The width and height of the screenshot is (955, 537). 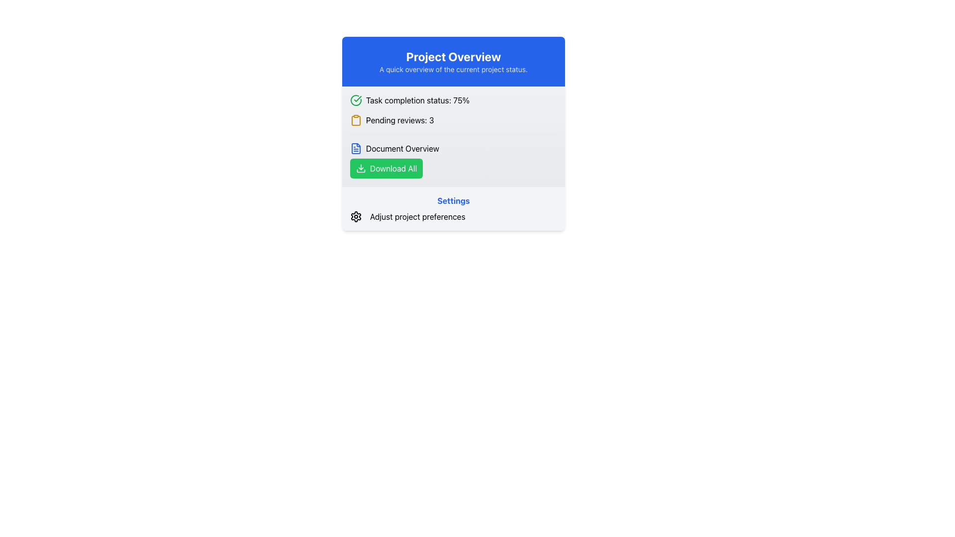 What do you see at coordinates (356, 216) in the screenshot?
I see `the settings gear icon, which is a minimalist black outline icon located adjacent to the text 'Adjust project preferences' at the bottom center of the interface` at bounding box center [356, 216].